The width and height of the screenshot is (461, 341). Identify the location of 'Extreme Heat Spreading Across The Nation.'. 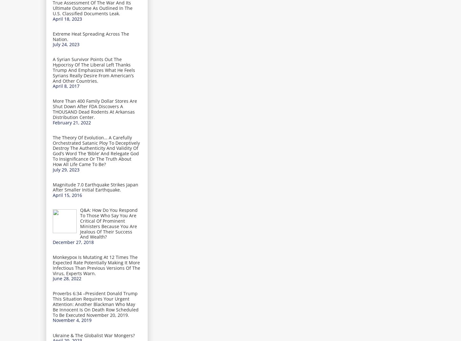
(52, 36).